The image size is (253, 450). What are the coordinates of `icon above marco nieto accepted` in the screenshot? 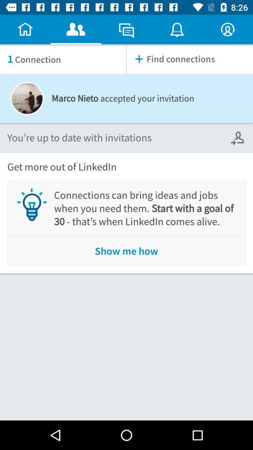 It's located at (190, 59).